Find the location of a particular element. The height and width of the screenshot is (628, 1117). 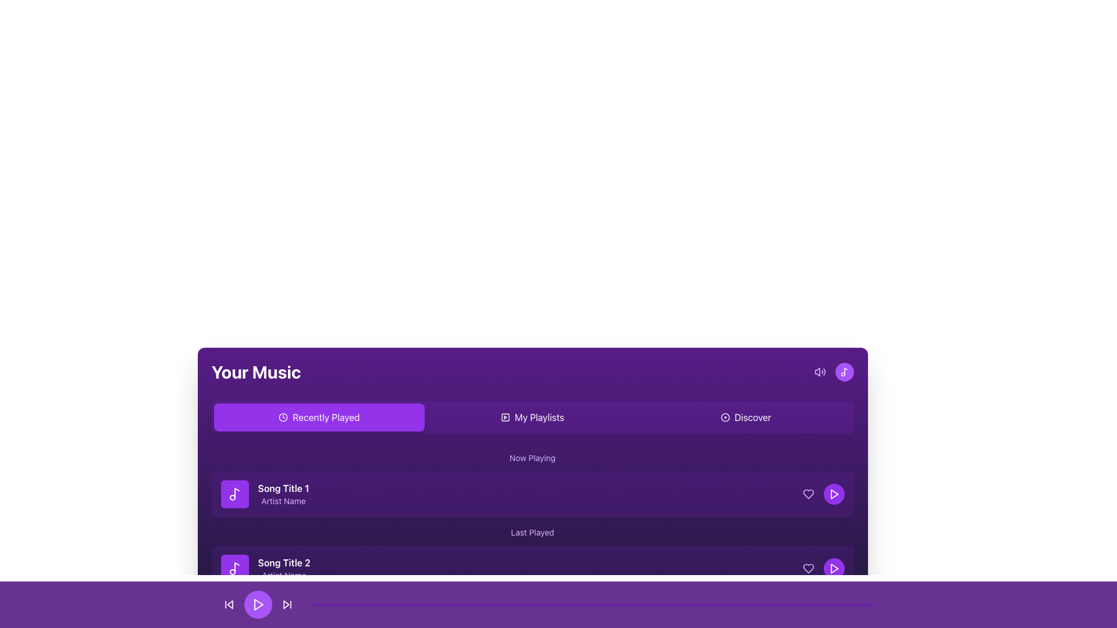

the small circular clock icon located to the left of the 'Recently Played' text within the purple button at the top-left under the 'Your Music' heading is located at coordinates (283, 416).